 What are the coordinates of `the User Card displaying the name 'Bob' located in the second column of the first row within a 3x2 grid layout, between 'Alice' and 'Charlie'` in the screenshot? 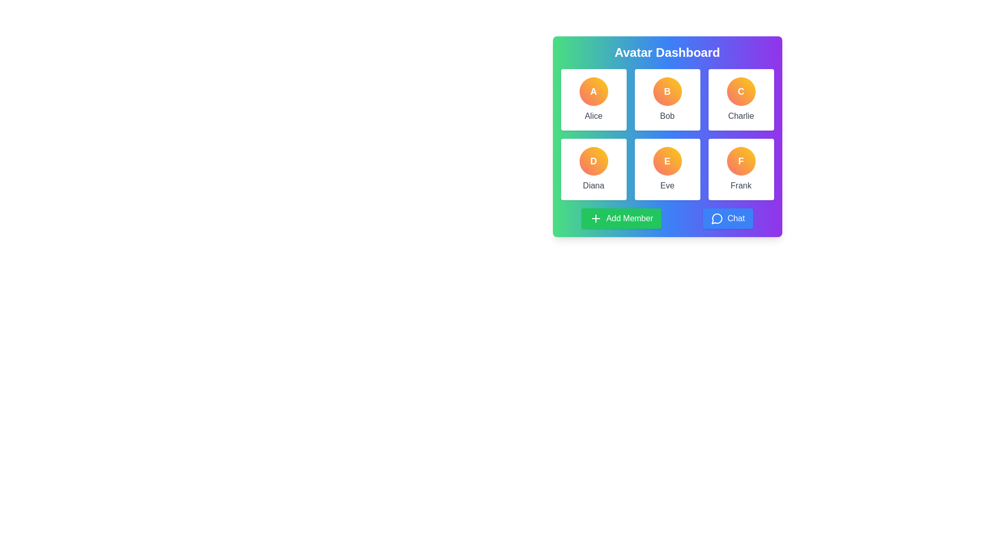 It's located at (667, 100).